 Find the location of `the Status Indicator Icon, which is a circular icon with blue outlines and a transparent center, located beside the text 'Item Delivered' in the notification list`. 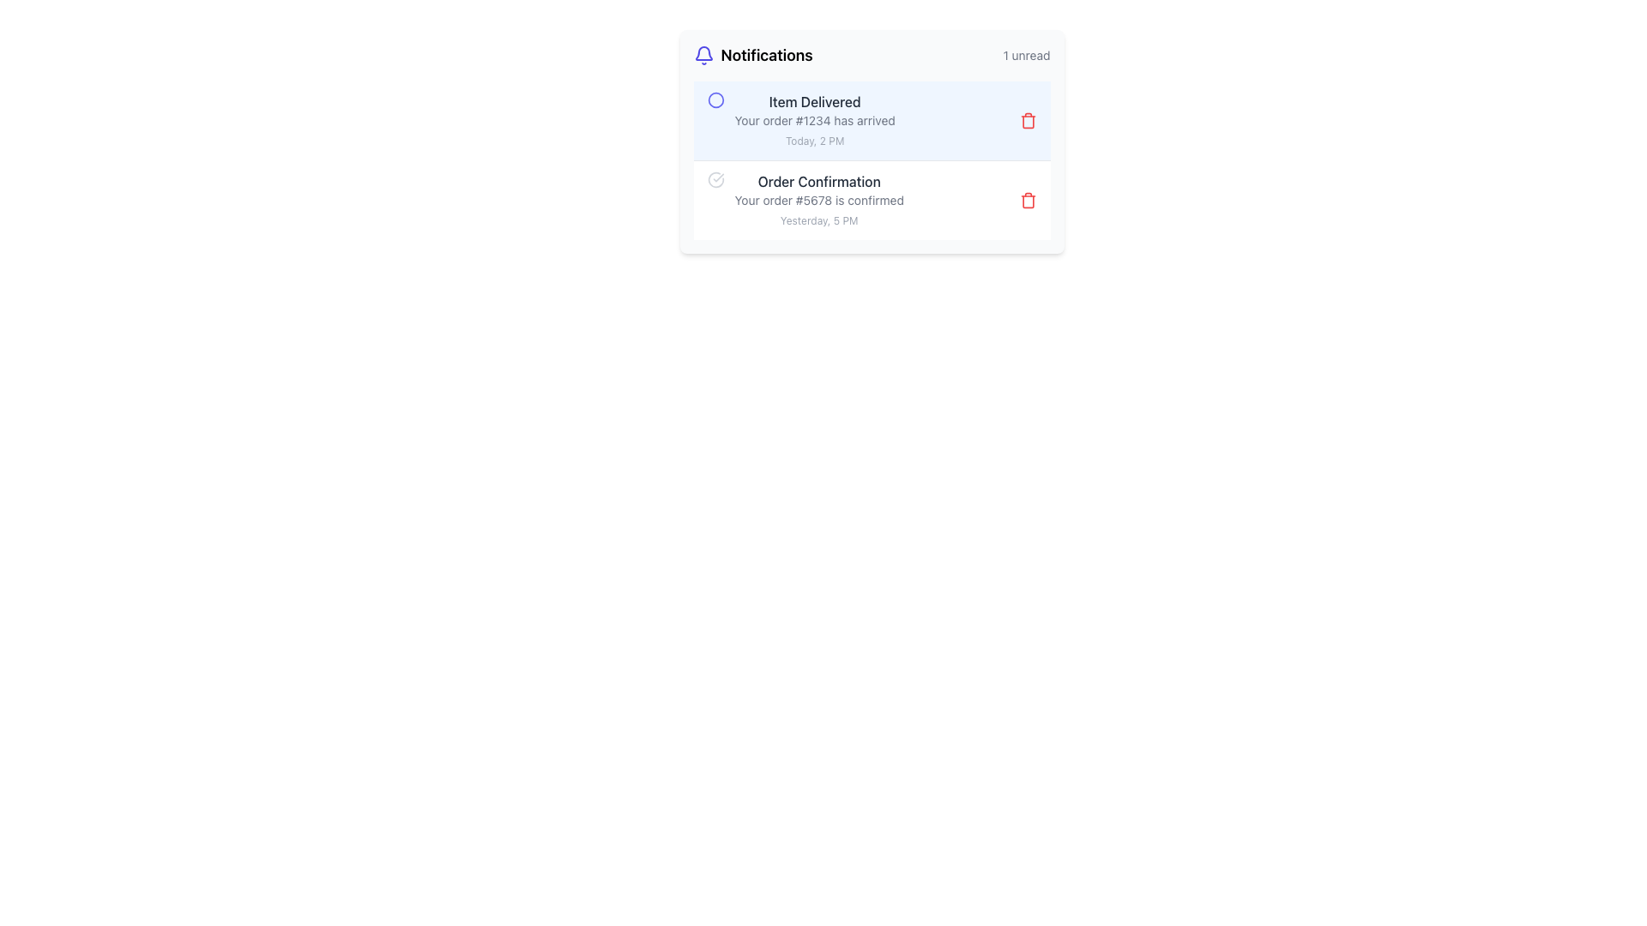

the Status Indicator Icon, which is a circular icon with blue outlines and a transparent center, located beside the text 'Item Delivered' in the notification list is located at coordinates (715, 99).